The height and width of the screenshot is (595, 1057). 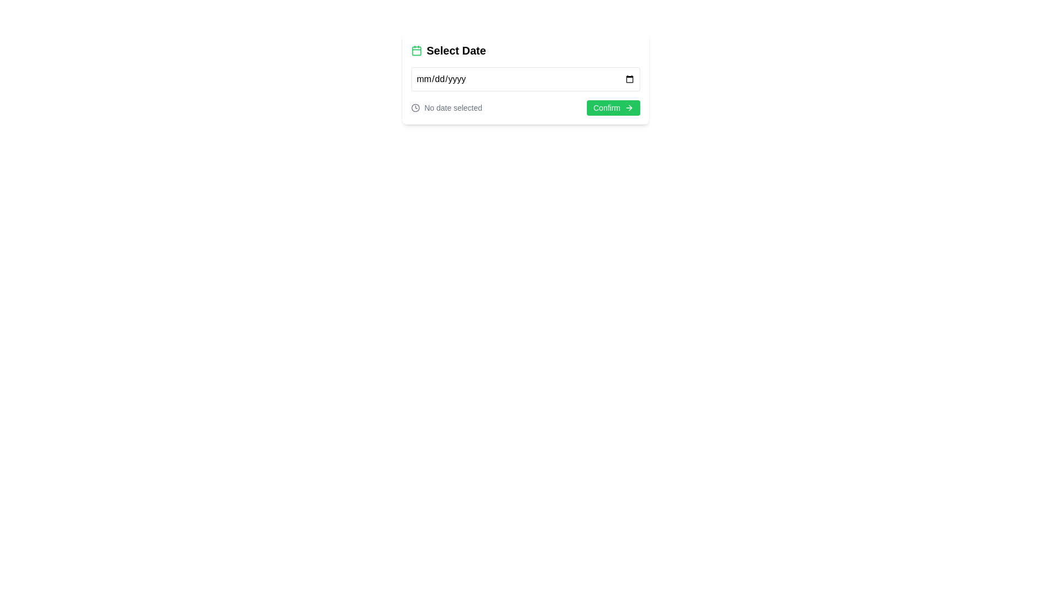 What do you see at coordinates (456, 51) in the screenshot?
I see `the 'Select Date' text label that is bold and larger in size, located to the right of a green calendar icon` at bounding box center [456, 51].